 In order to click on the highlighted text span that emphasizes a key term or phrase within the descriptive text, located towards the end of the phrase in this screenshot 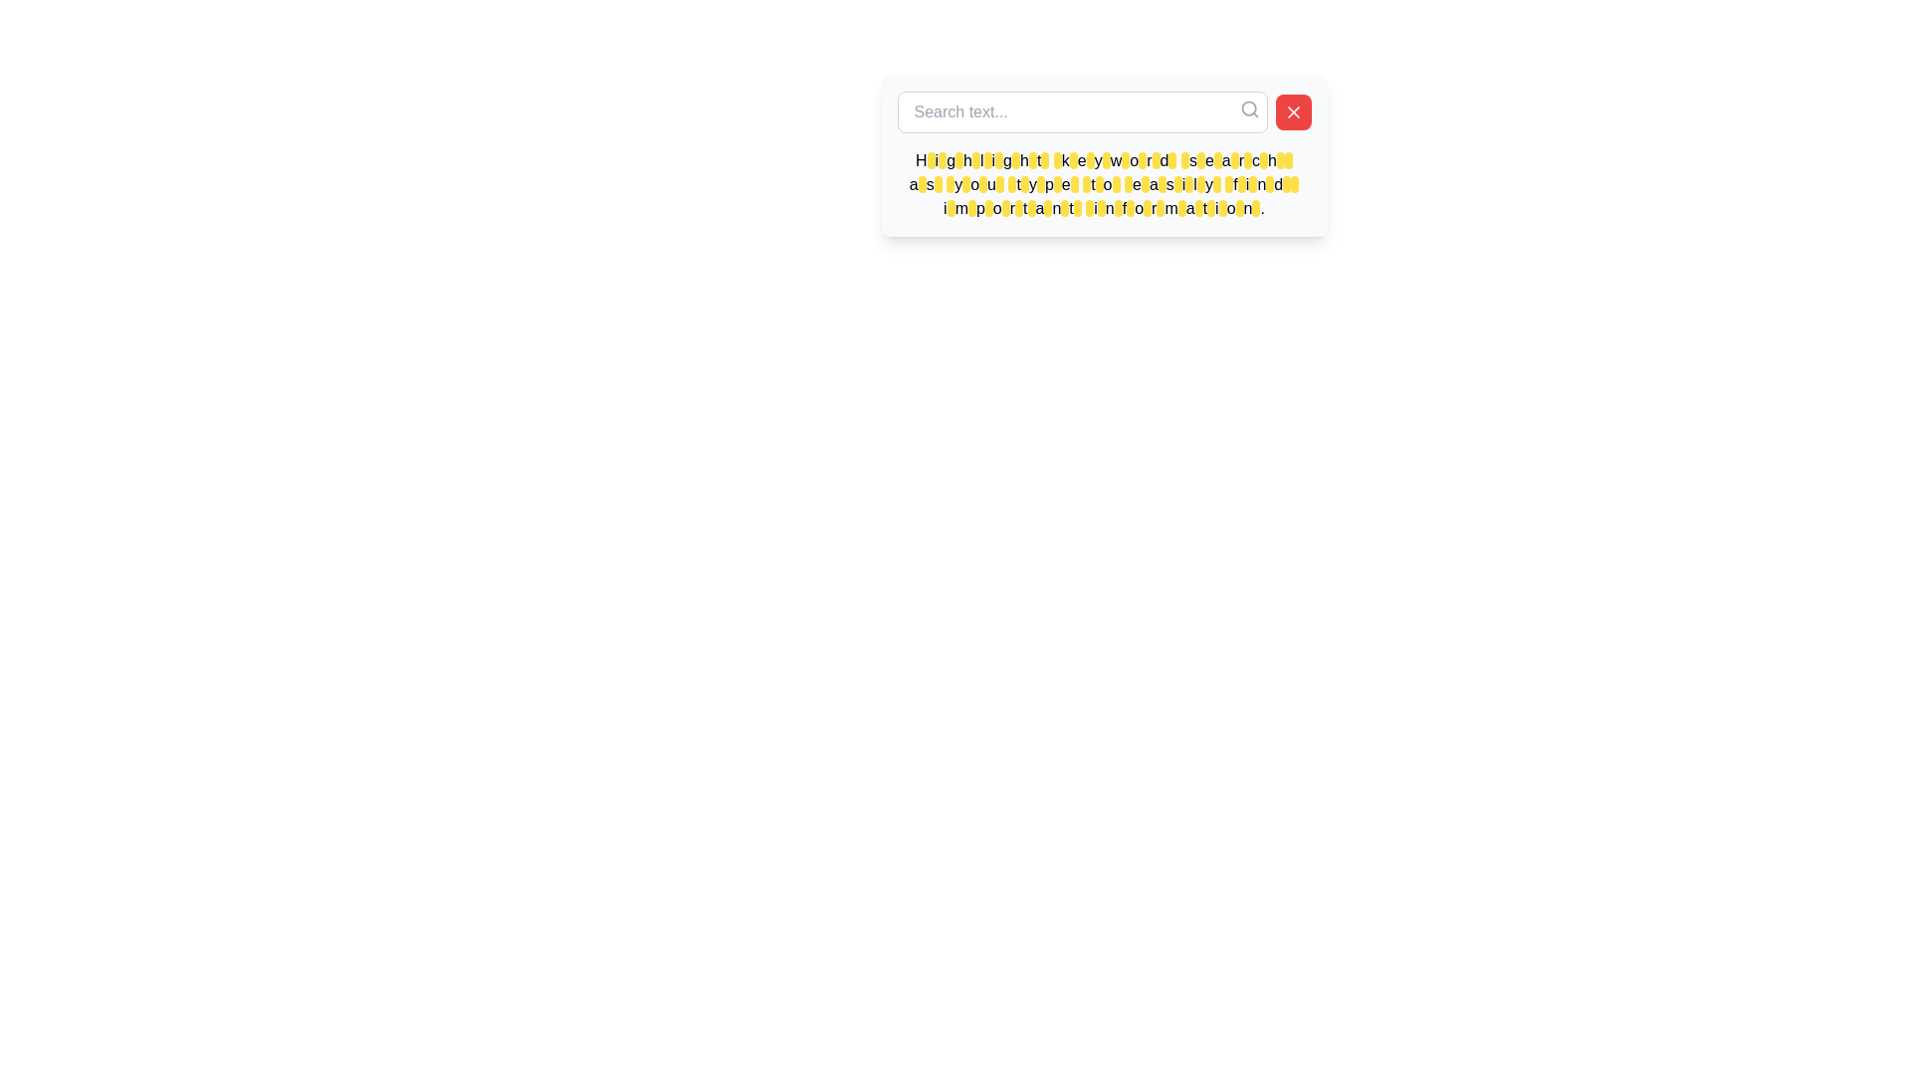, I will do `click(1064, 208)`.